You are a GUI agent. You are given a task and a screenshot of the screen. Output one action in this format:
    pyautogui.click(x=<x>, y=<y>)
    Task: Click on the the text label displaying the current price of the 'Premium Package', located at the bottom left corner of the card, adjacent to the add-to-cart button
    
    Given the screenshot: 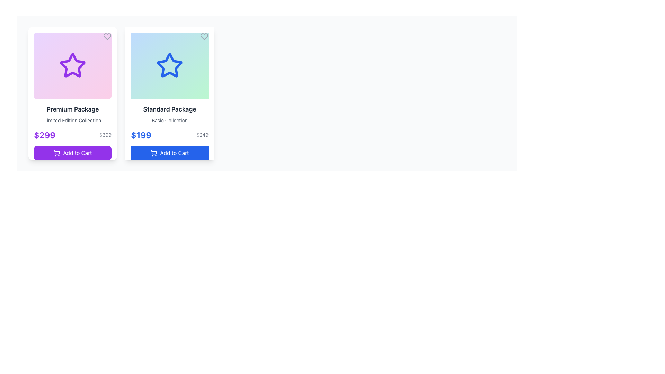 What is the action you would take?
    pyautogui.click(x=44, y=135)
    